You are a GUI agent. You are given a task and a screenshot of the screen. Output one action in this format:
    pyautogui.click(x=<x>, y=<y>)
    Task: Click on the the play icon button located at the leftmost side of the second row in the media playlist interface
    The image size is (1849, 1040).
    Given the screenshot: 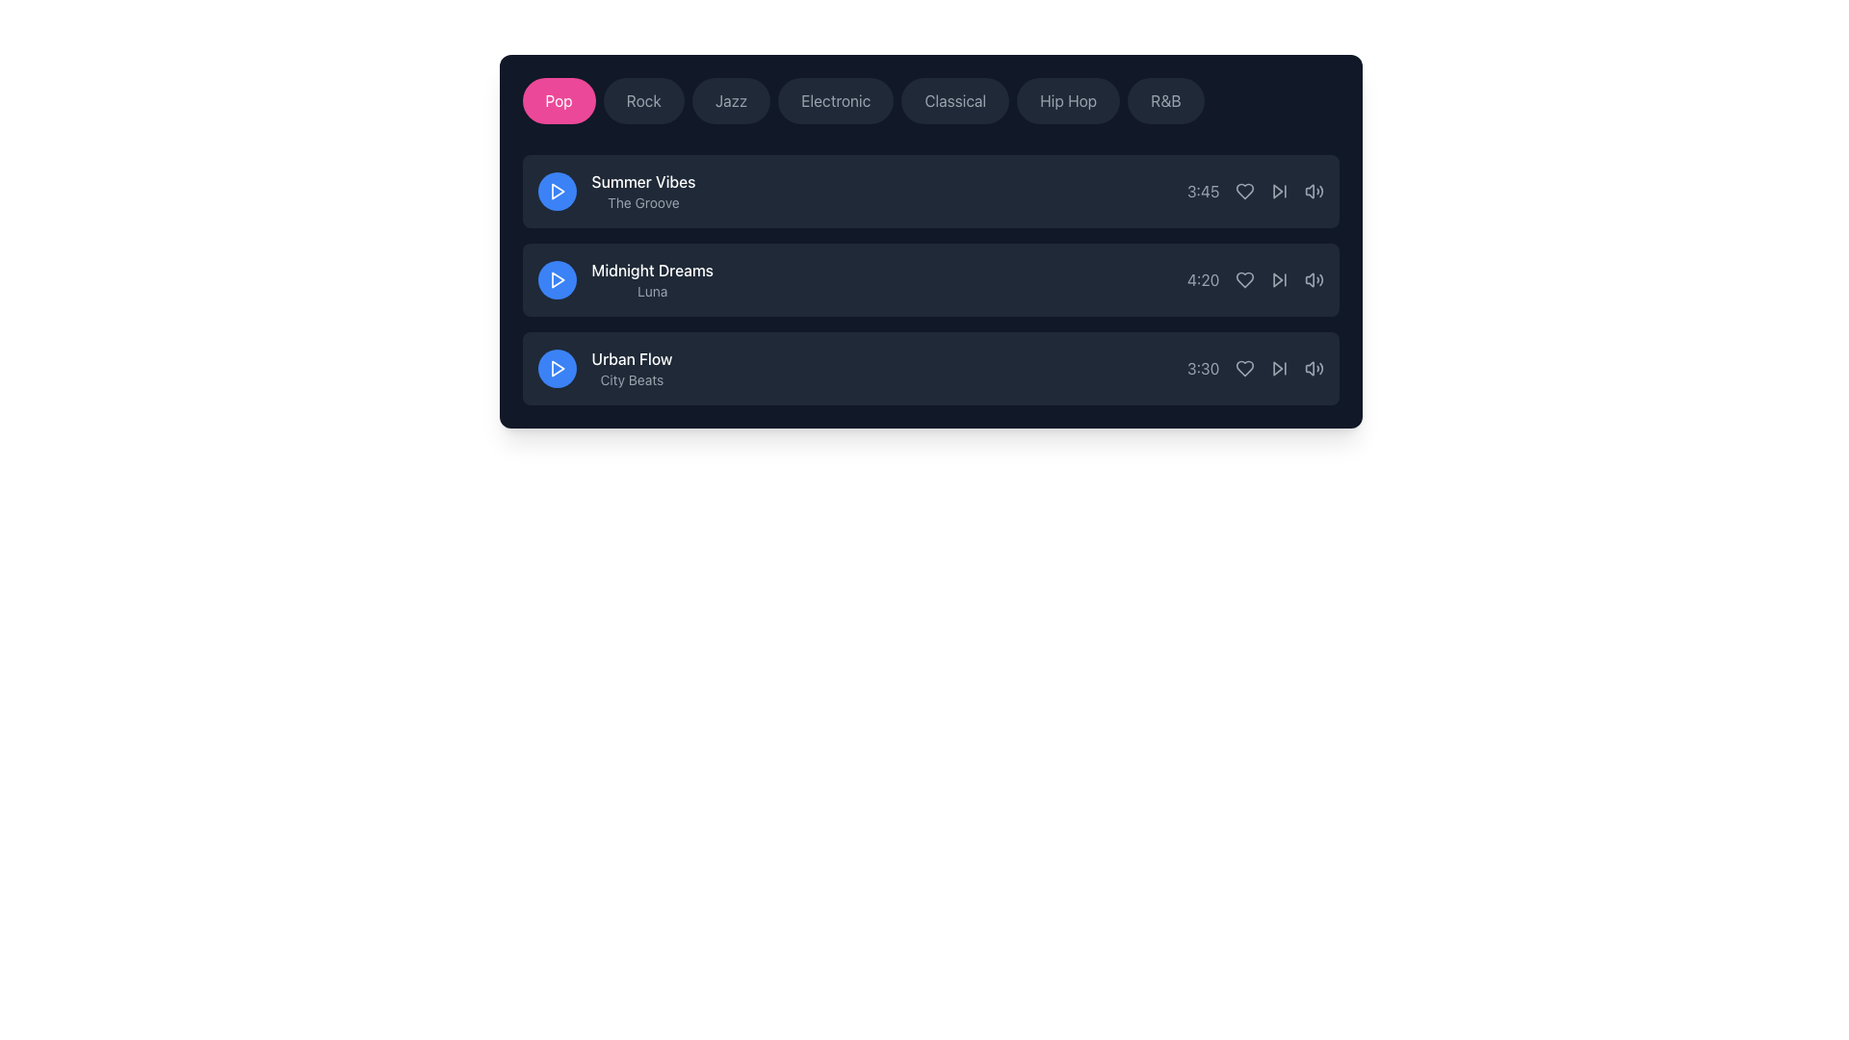 What is the action you would take?
    pyautogui.click(x=556, y=279)
    